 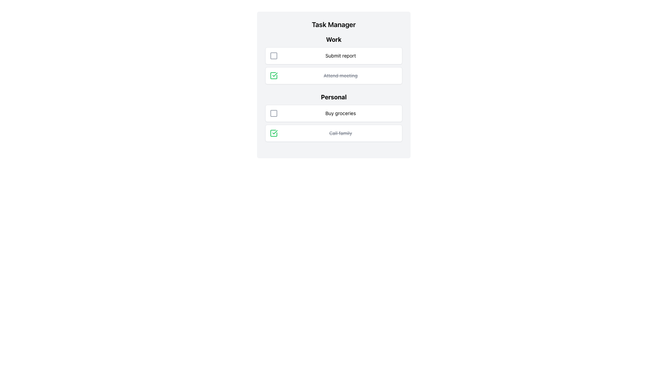 What do you see at coordinates (334, 133) in the screenshot?
I see `the checkbox labeled 'Call family' to unmark the task as completed` at bounding box center [334, 133].